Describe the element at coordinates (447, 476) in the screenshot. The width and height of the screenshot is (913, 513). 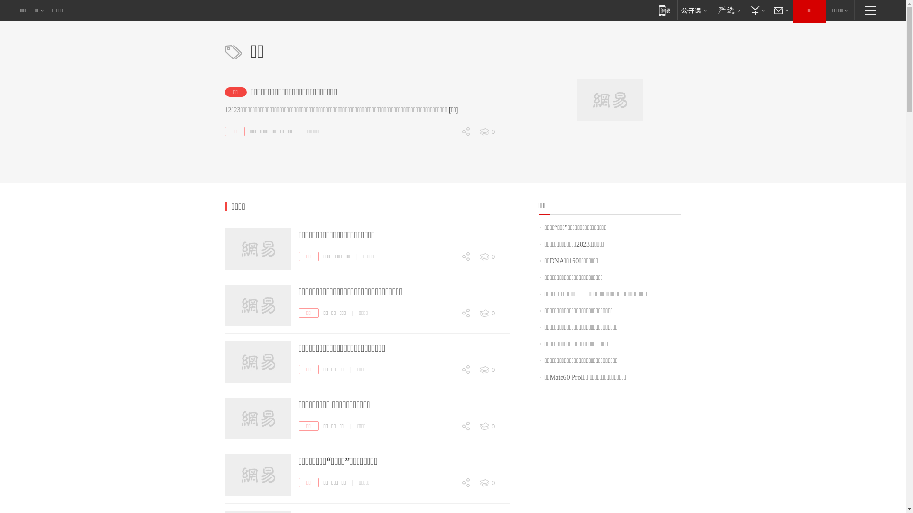
I see `'0'` at that location.